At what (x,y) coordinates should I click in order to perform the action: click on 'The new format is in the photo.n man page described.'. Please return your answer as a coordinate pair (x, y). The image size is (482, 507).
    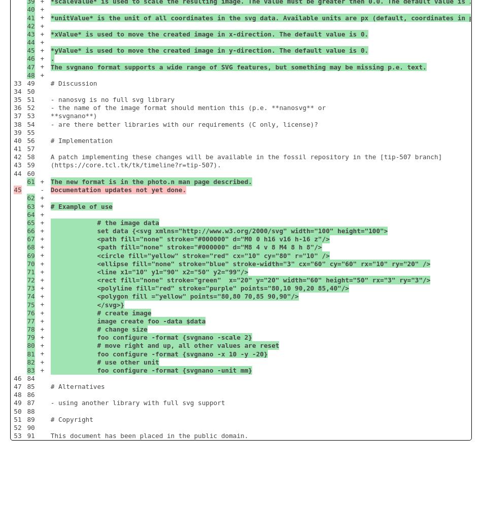
    Looking at the image, I should click on (151, 180).